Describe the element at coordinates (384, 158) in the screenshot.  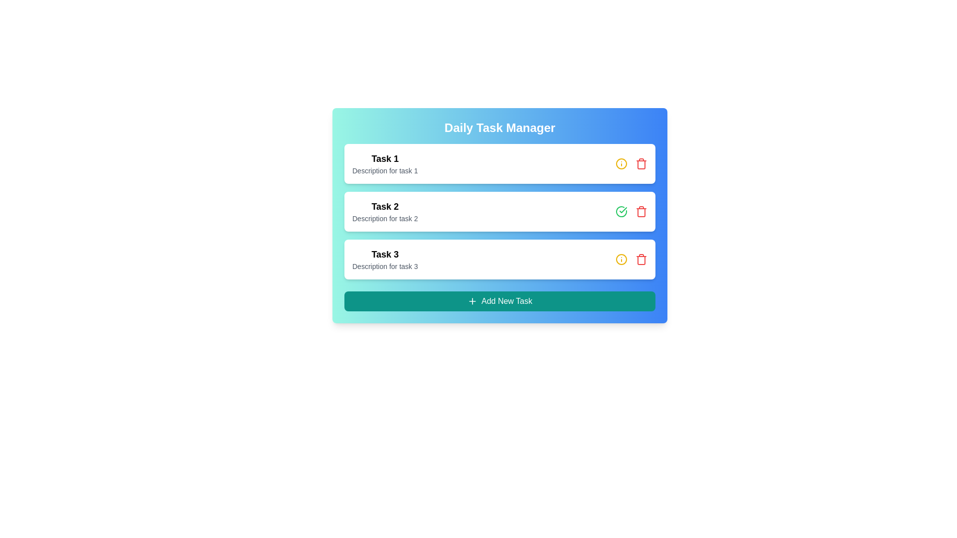
I see `the task title or description to enable editing` at that location.